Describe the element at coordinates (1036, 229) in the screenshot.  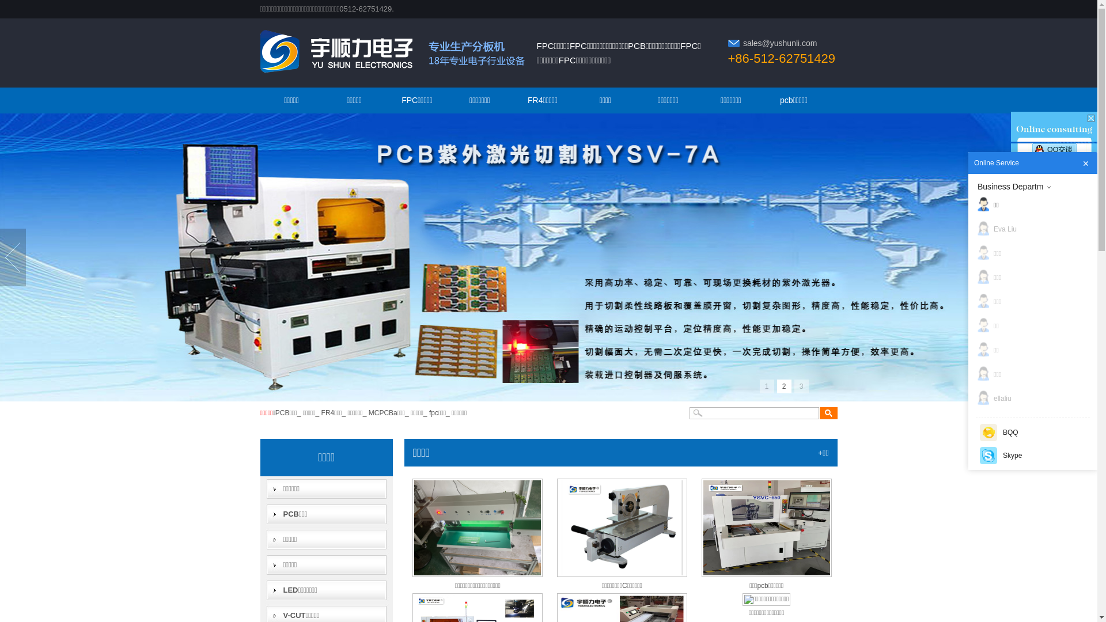
I see `'Eva Liu'` at that location.